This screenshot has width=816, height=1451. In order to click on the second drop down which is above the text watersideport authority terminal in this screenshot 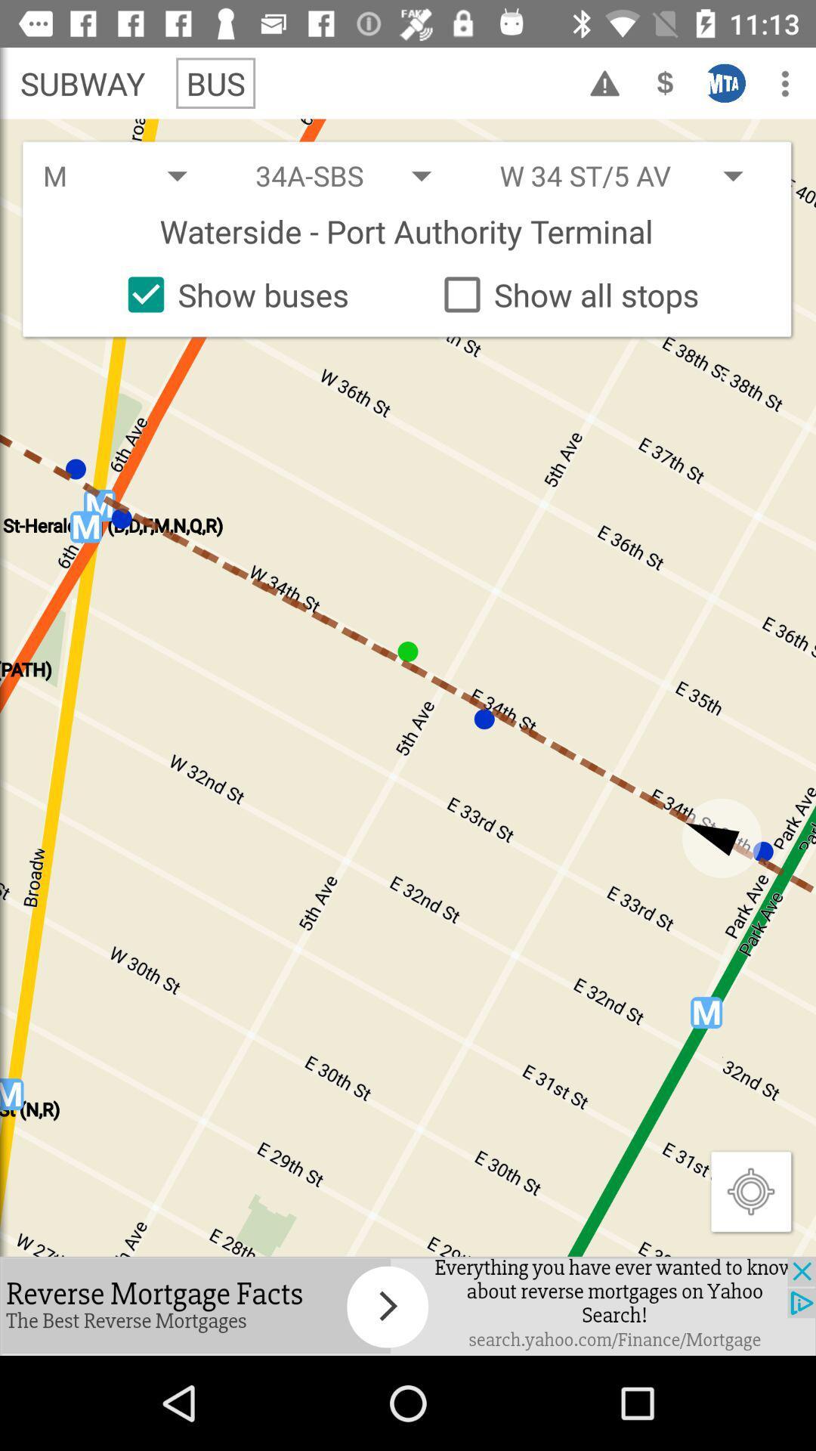, I will do `click(635, 175)`.